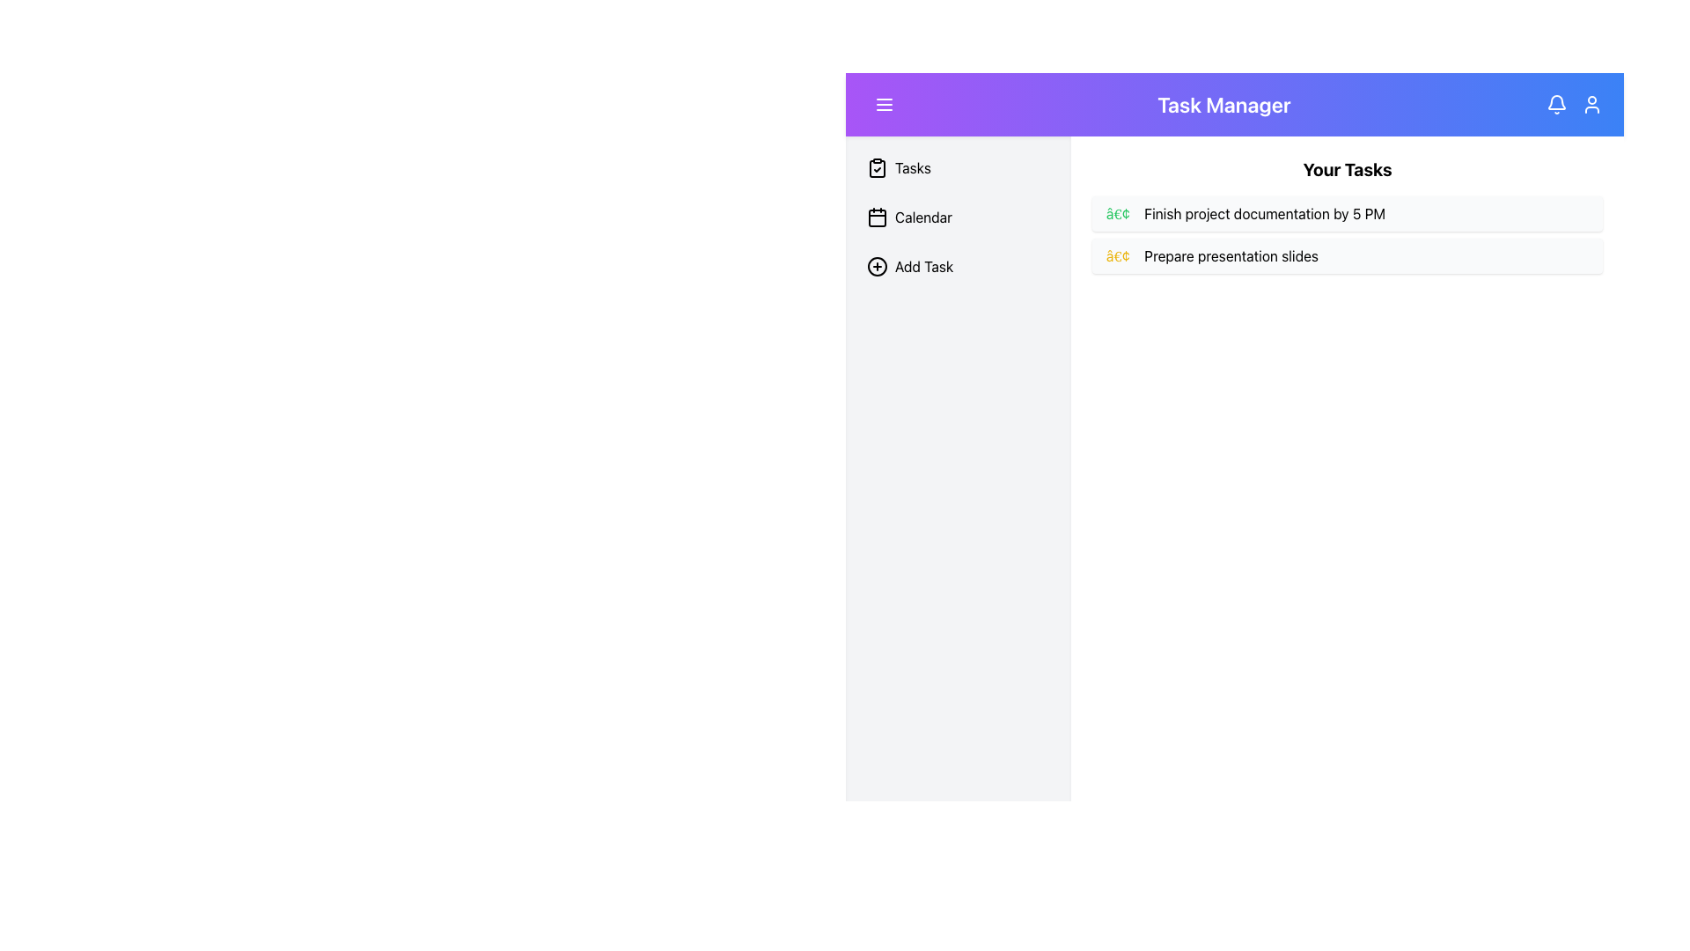 Image resolution: width=1690 pixels, height=951 pixels. What do you see at coordinates (878, 216) in the screenshot?
I see `the calendar icon located in the left sidebar, positioned below the 'Tasks' icon and above the 'Add Task' icon` at bounding box center [878, 216].